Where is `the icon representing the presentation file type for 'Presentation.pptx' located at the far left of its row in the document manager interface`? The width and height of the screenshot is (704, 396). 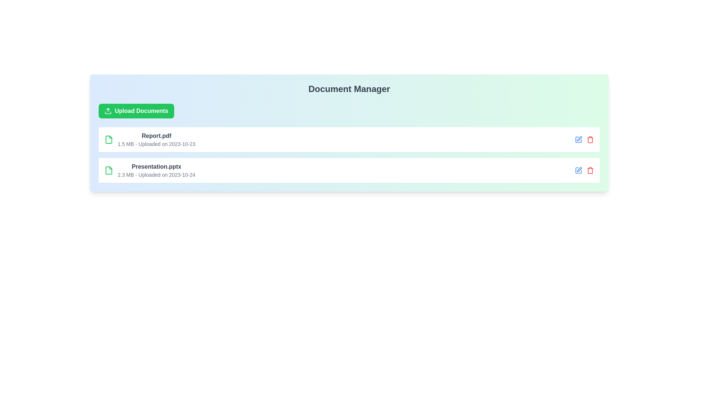
the icon representing the presentation file type for 'Presentation.pptx' located at the far left of its row in the document manager interface is located at coordinates (109, 170).